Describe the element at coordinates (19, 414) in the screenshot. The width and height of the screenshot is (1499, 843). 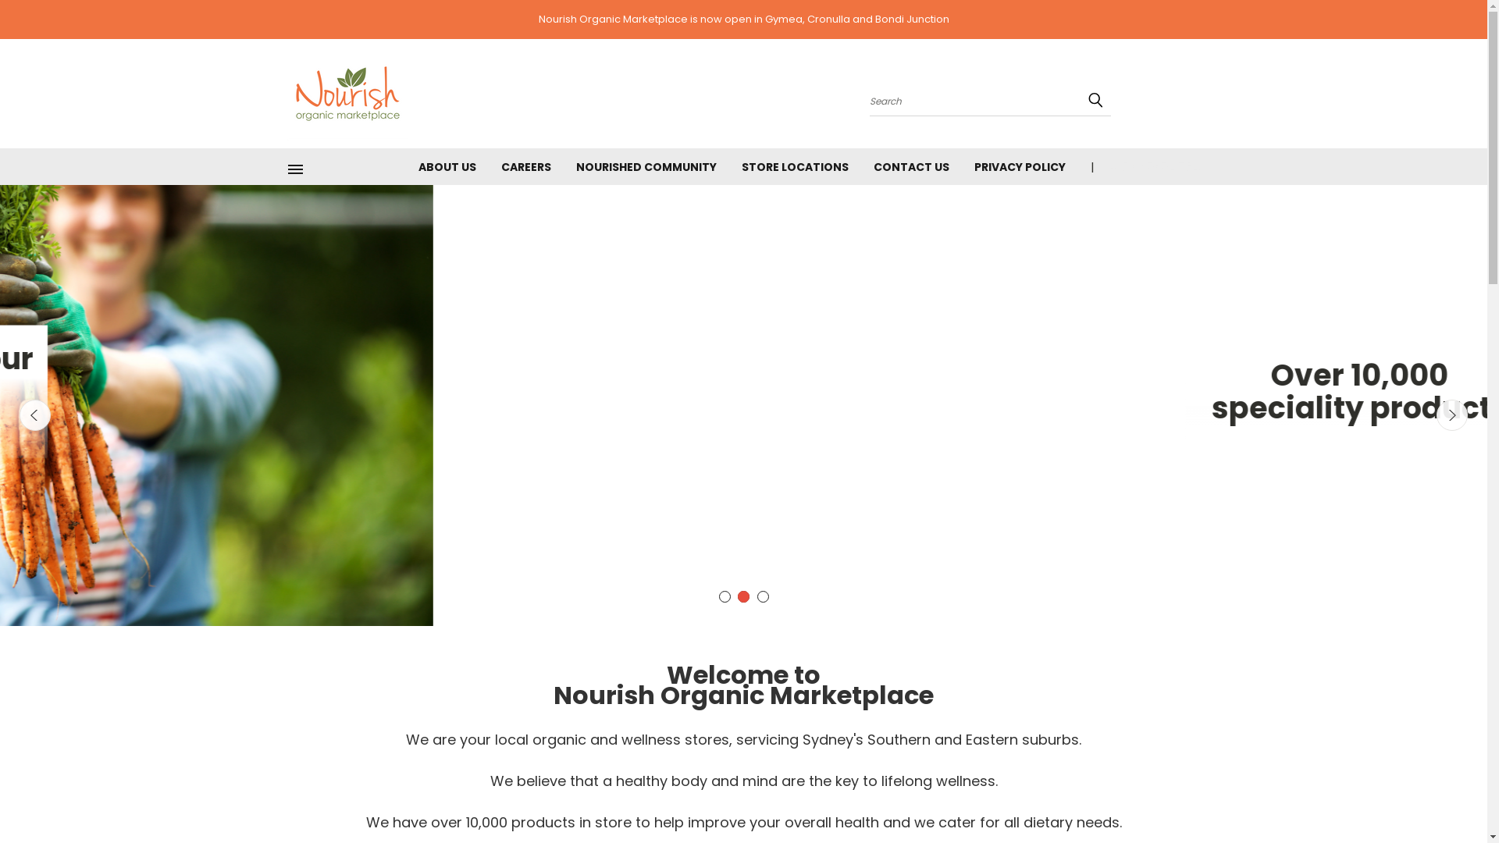
I see `'Previous'` at that location.